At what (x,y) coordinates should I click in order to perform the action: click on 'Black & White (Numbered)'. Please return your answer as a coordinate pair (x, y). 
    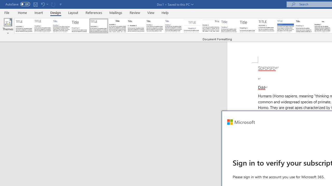
    Looking at the image, I should click on (136, 26).